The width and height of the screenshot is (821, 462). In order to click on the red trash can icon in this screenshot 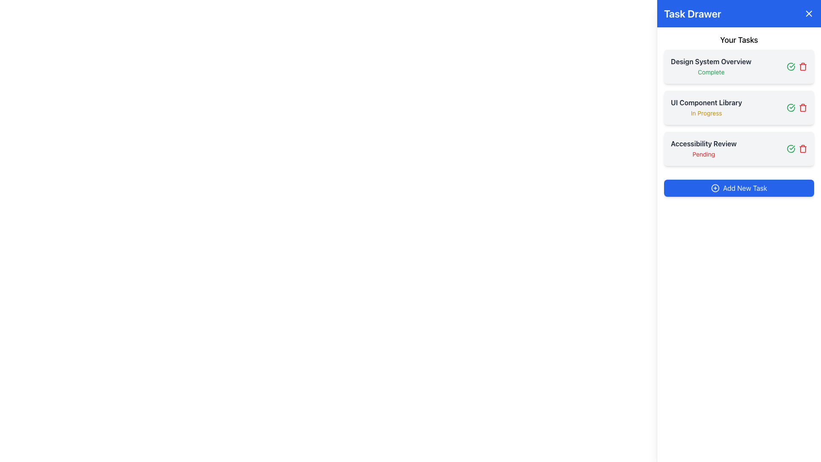, I will do `click(802, 107)`.